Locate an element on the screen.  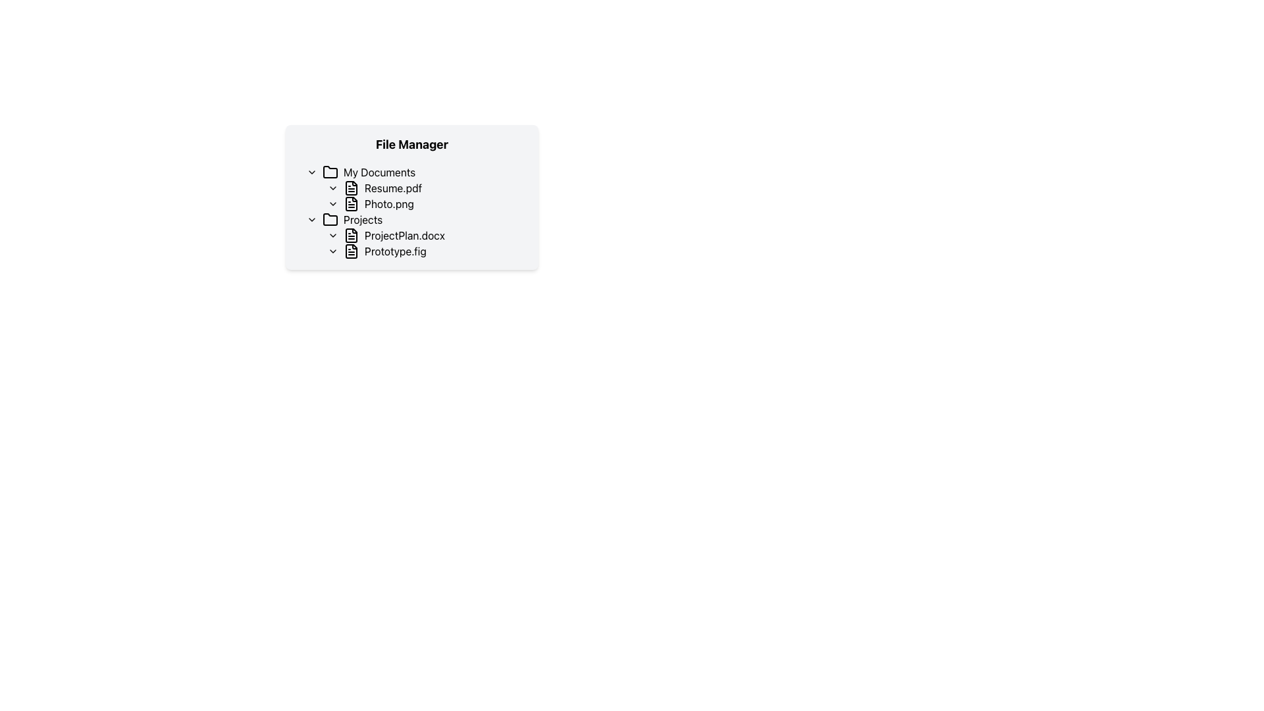
the text label for 'ProjectPlan.docx' is located at coordinates (394, 235).